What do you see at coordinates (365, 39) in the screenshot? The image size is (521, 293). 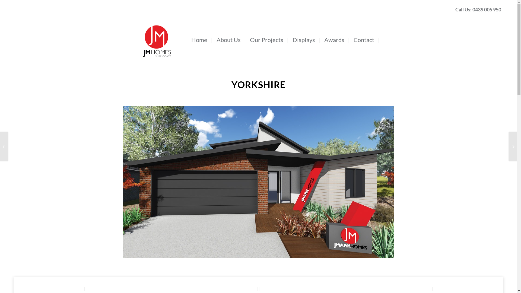 I see `'Contact'` at bounding box center [365, 39].